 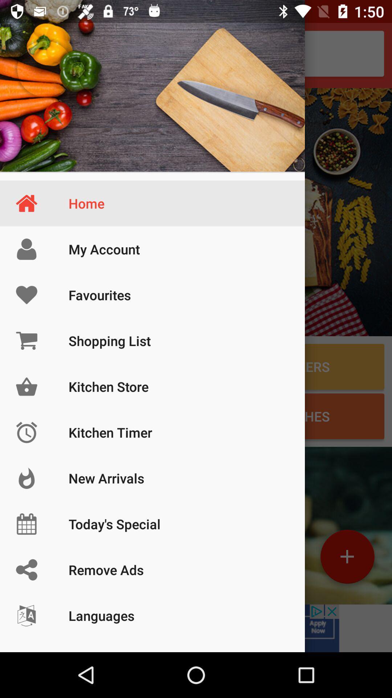 What do you see at coordinates (347, 559) in the screenshot?
I see `the add icon` at bounding box center [347, 559].